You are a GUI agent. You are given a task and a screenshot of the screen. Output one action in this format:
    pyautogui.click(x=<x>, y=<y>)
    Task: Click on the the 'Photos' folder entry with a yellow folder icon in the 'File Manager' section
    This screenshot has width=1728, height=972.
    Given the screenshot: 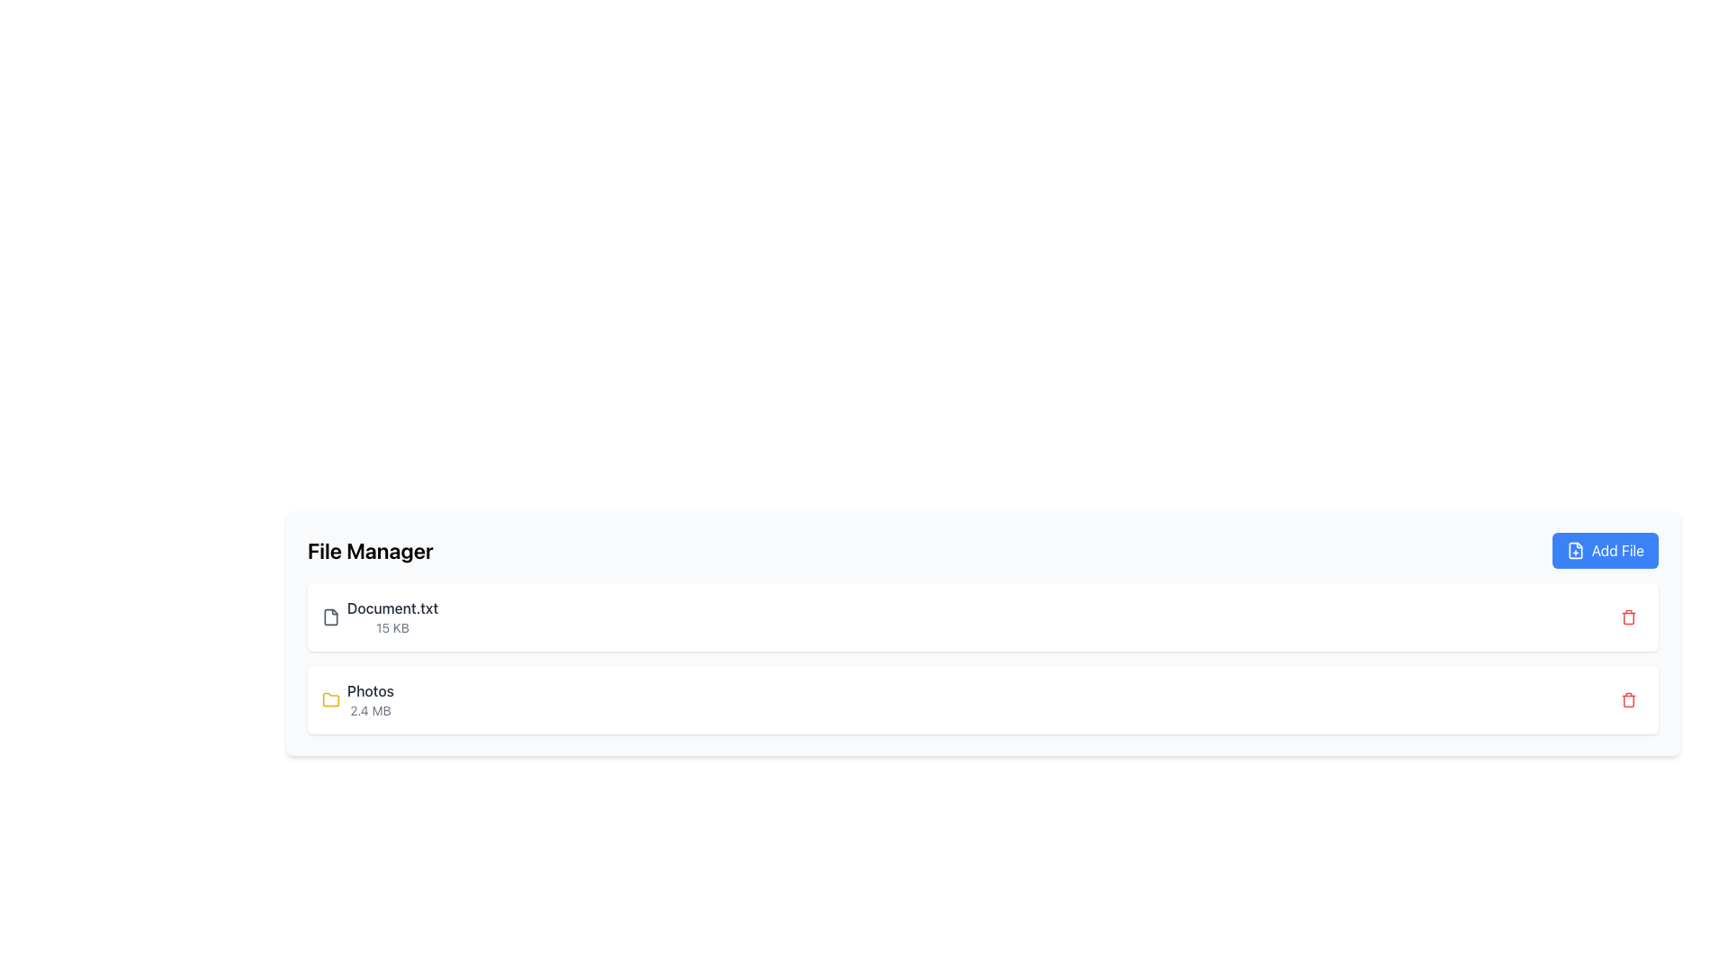 What is the action you would take?
    pyautogui.click(x=358, y=699)
    